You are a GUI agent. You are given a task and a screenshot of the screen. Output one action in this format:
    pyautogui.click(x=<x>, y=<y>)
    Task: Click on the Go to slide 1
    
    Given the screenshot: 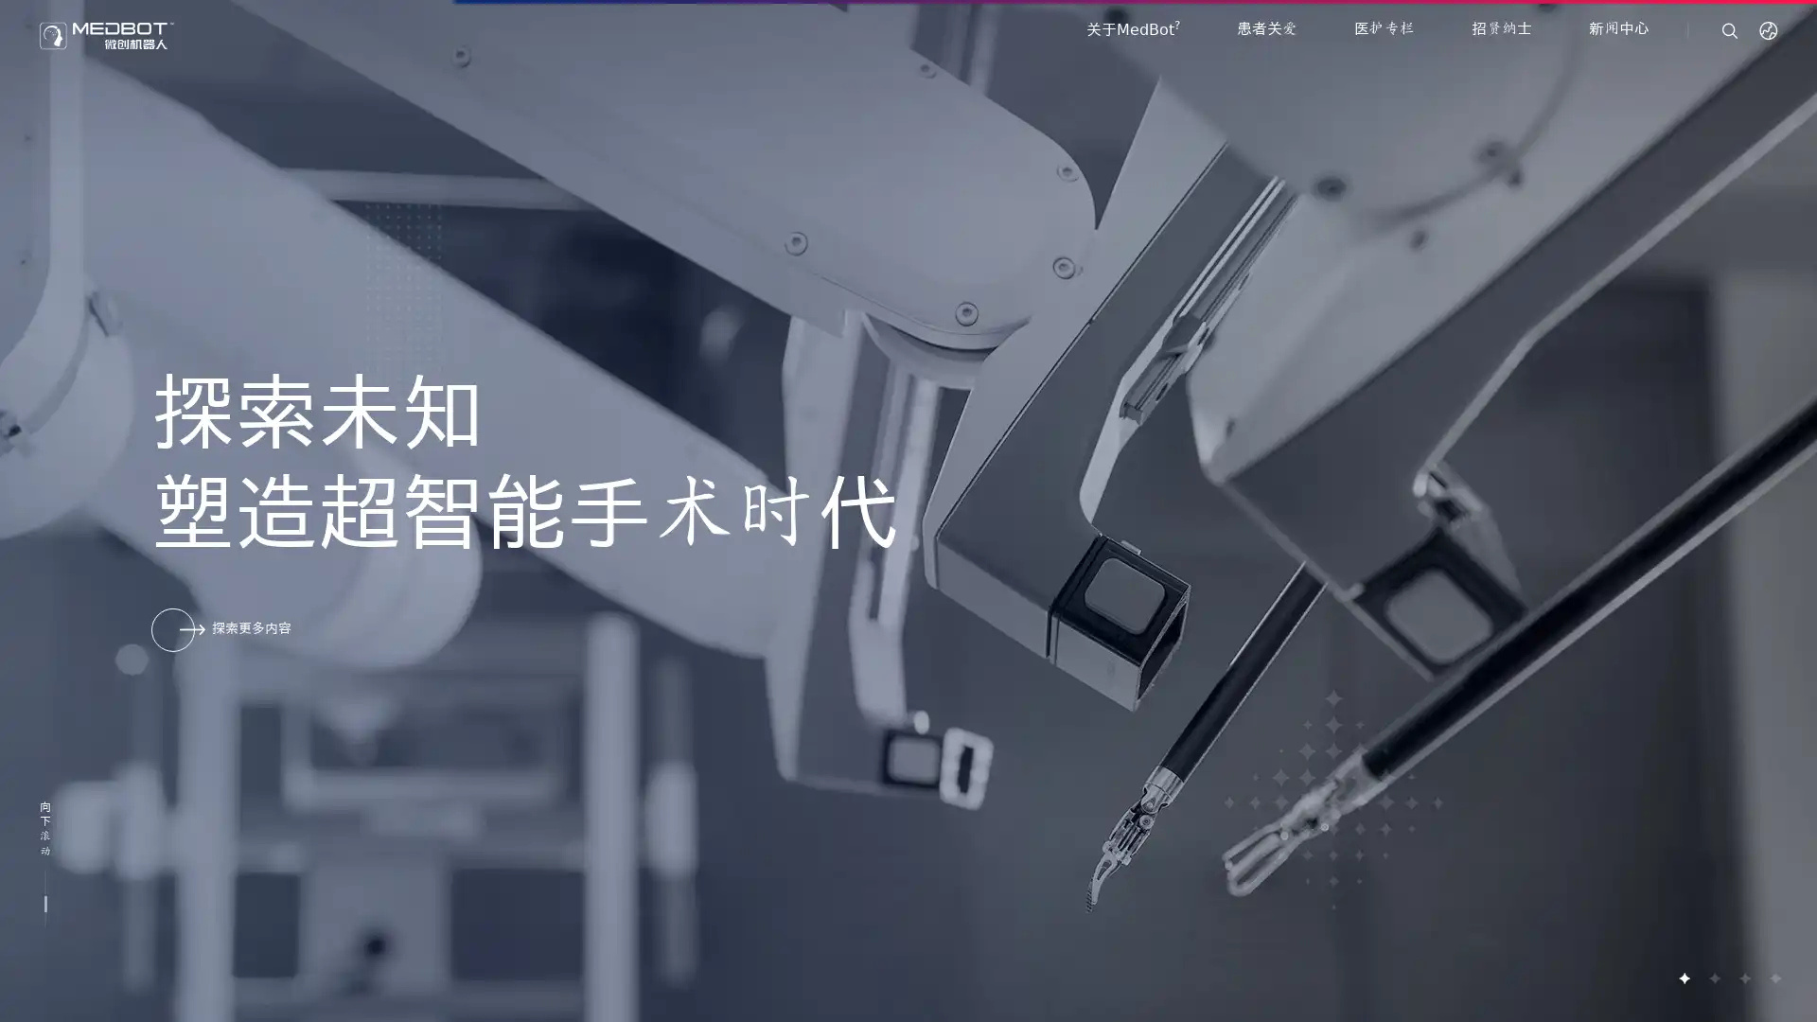 What is the action you would take?
    pyautogui.click(x=1684, y=978)
    